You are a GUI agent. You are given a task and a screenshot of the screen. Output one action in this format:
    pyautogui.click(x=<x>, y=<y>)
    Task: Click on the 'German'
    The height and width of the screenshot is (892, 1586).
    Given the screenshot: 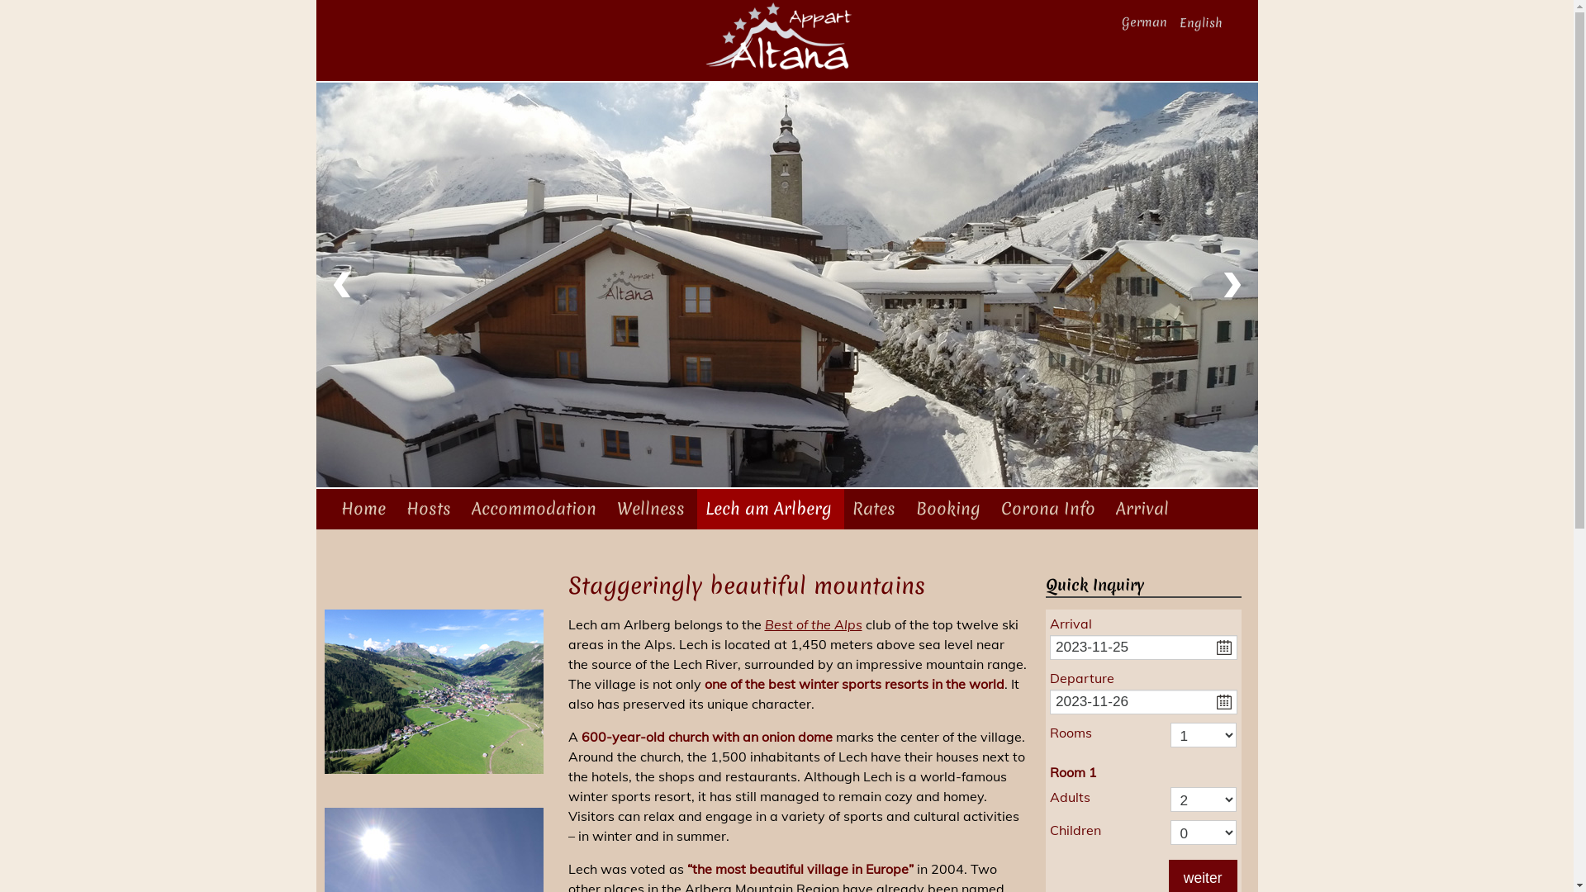 What is the action you would take?
    pyautogui.click(x=1145, y=22)
    